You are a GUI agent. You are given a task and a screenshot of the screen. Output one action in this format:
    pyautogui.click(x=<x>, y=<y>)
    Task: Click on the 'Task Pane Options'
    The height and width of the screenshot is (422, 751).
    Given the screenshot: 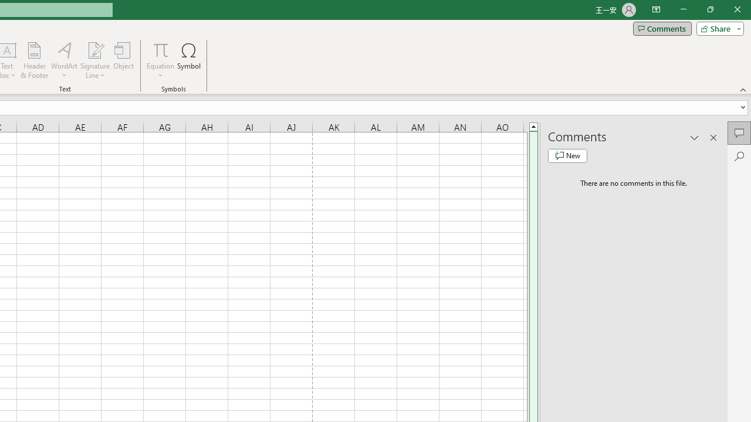 What is the action you would take?
    pyautogui.click(x=695, y=137)
    